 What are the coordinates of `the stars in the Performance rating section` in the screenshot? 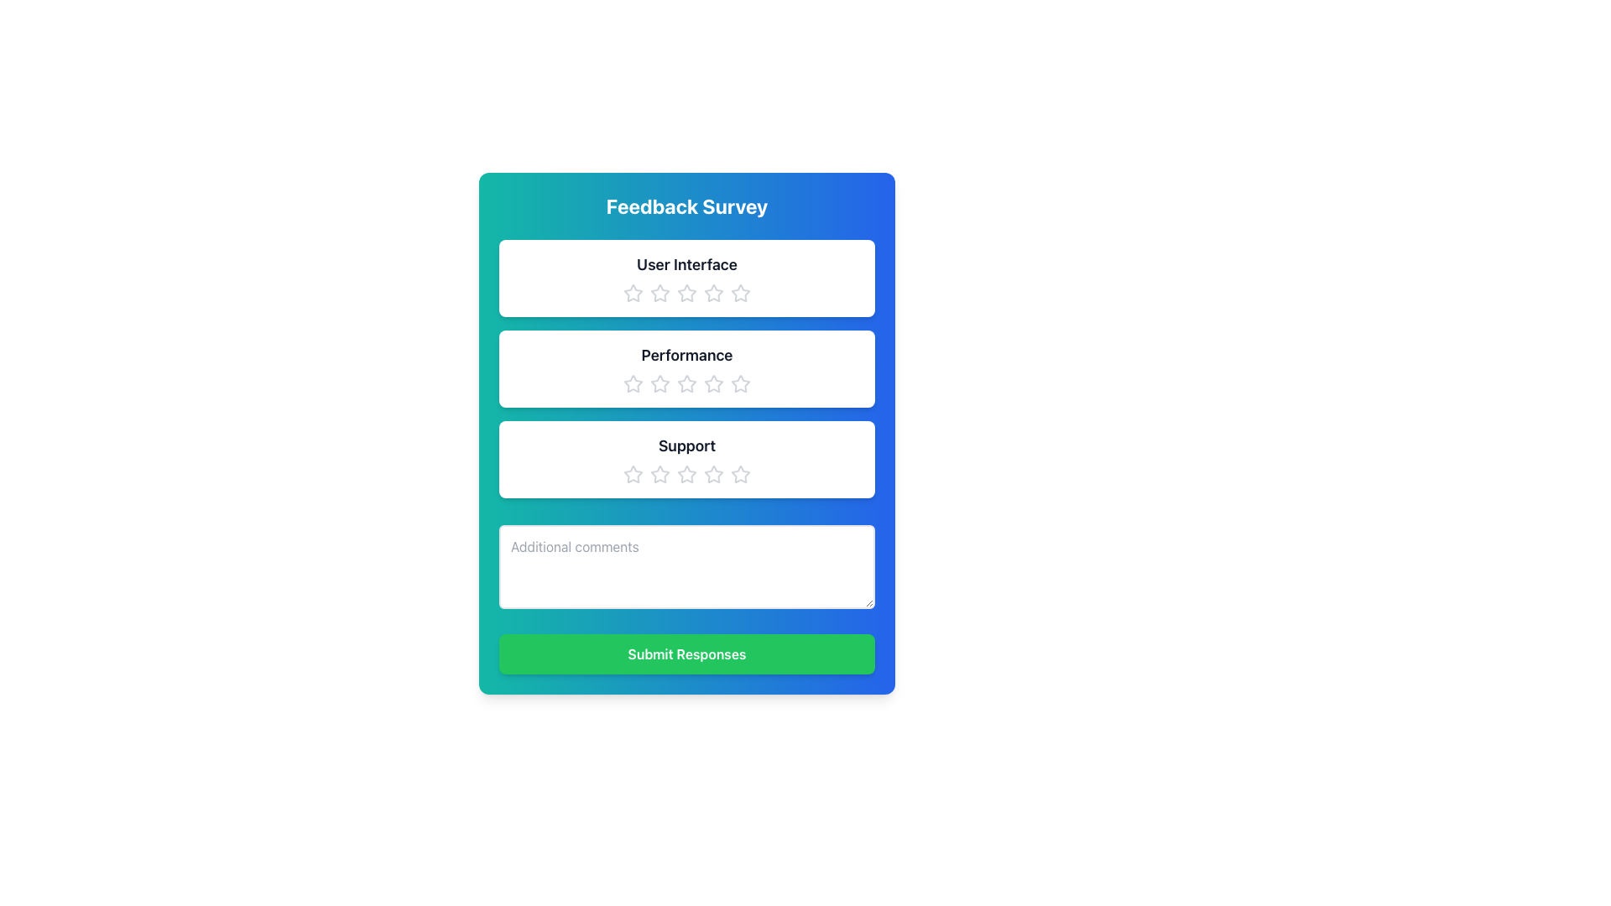 It's located at (687, 367).